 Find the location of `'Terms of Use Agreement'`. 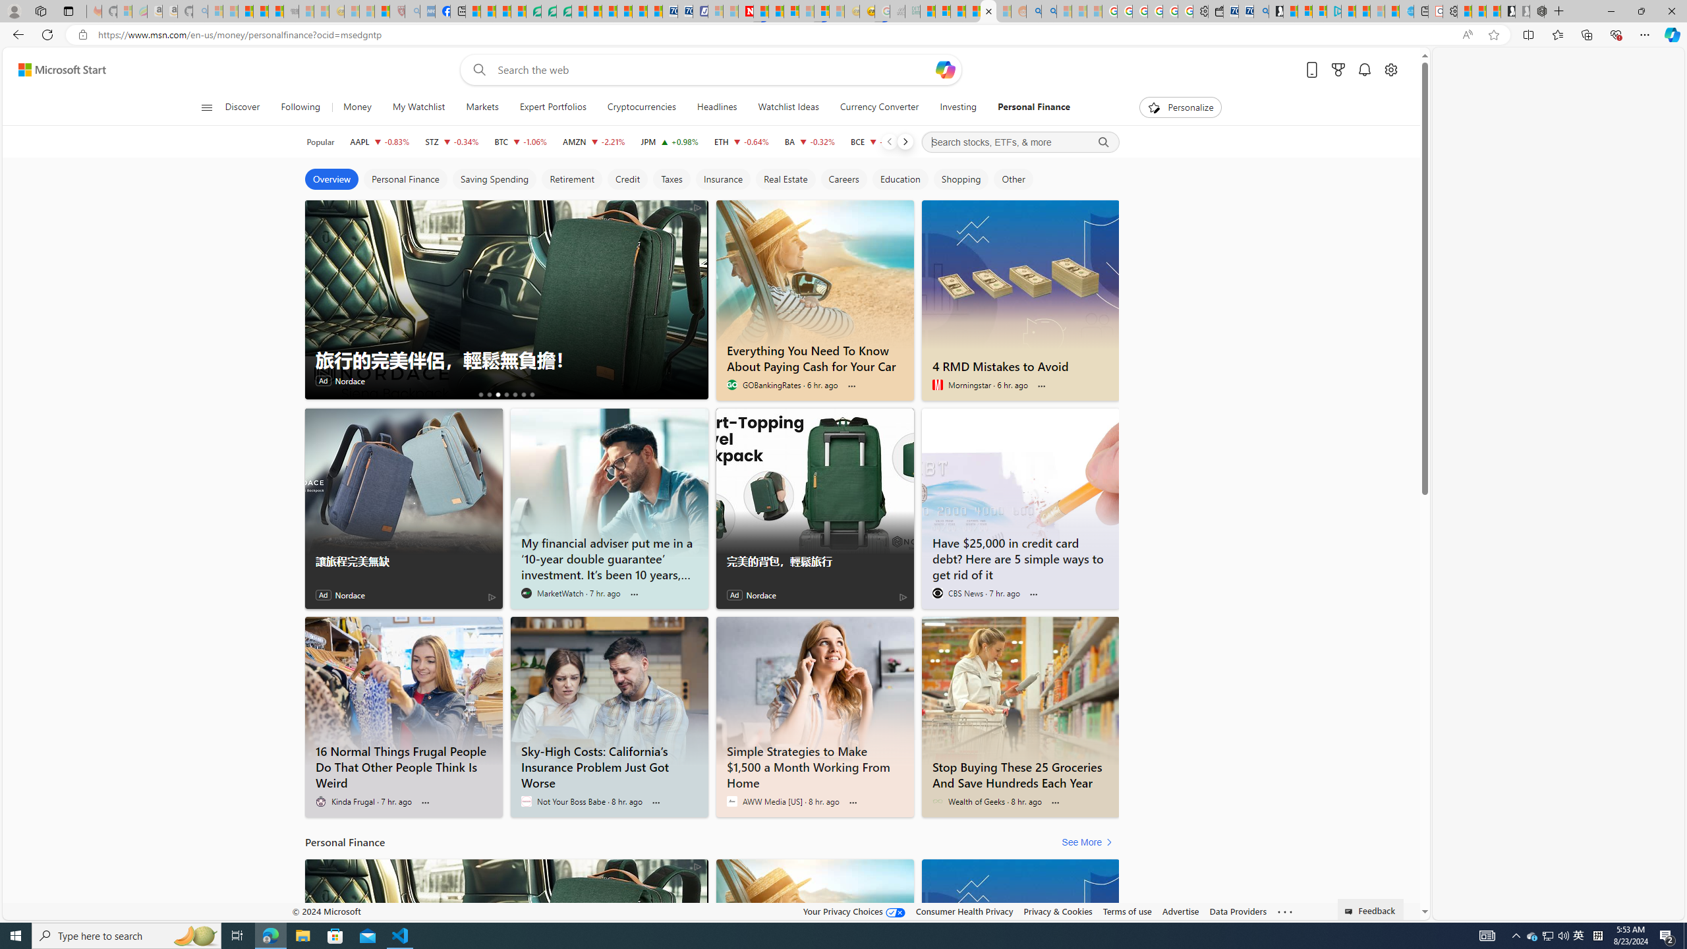

'Terms of Use Agreement' is located at coordinates (548, 11).